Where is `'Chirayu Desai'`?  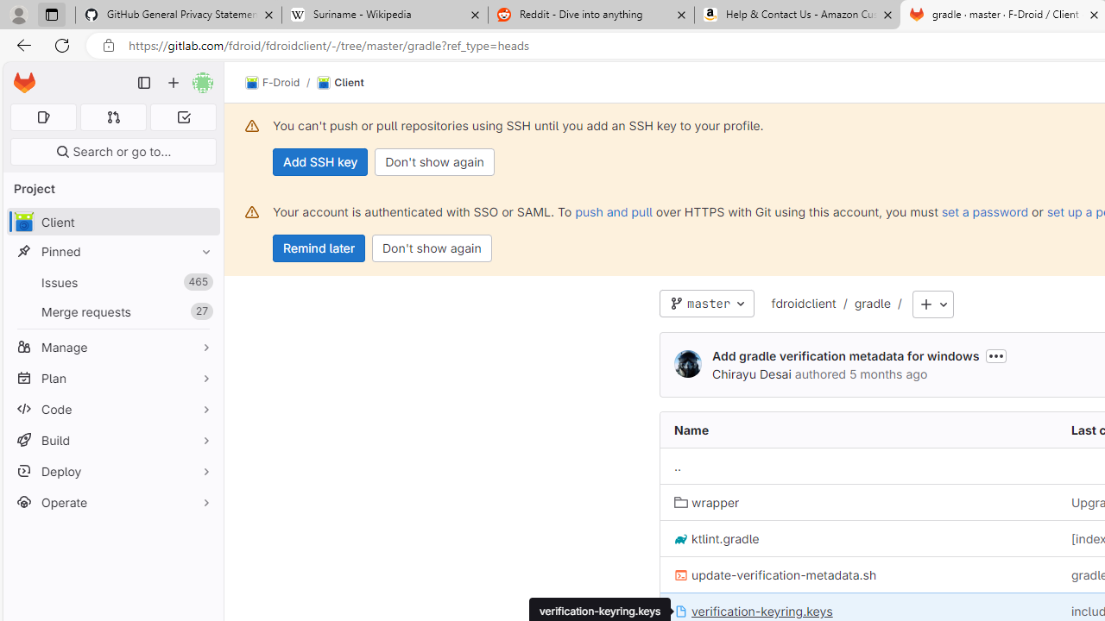
'Chirayu Desai' is located at coordinates (686, 363).